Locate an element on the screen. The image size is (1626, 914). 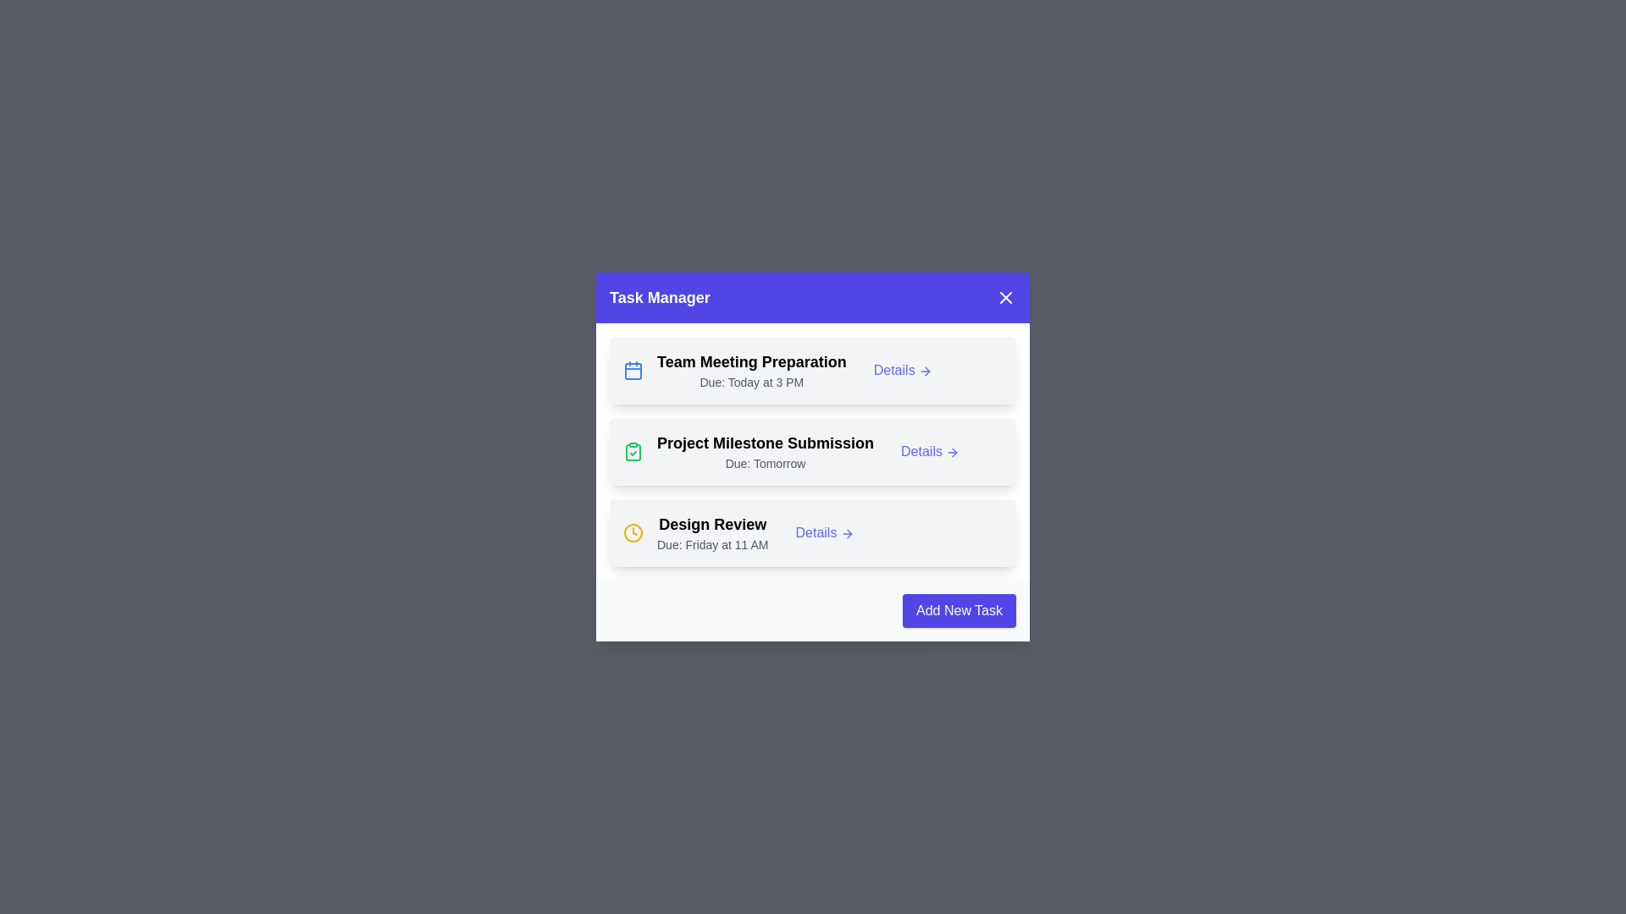
the close button located at the far right of the 'Task Manager' header bar is located at coordinates (1006, 296).